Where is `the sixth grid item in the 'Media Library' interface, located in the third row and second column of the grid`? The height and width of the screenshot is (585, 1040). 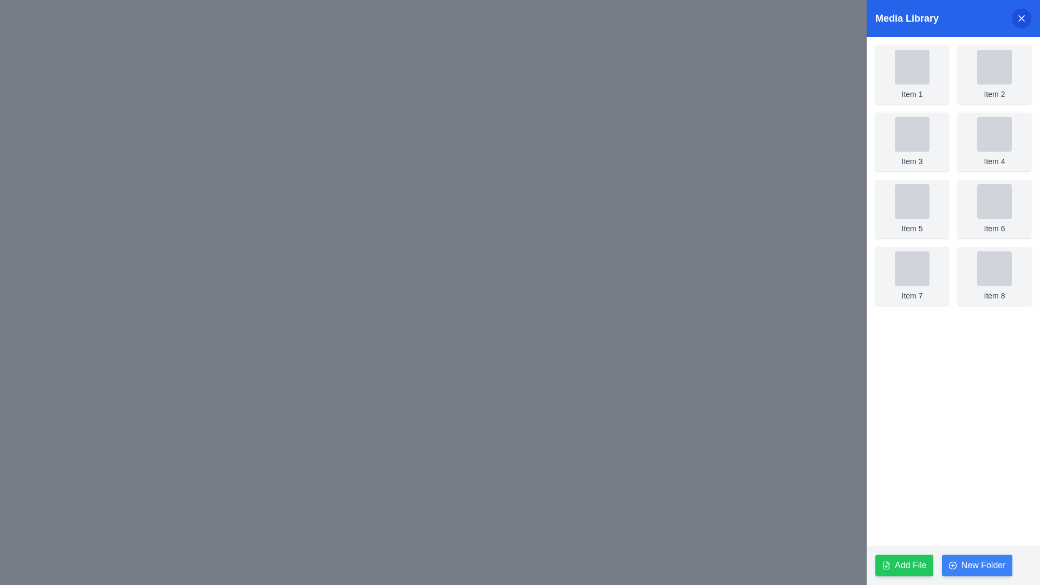 the sixth grid item in the 'Media Library' interface, located in the third row and second column of the grid is located at coordinates (994, 209).